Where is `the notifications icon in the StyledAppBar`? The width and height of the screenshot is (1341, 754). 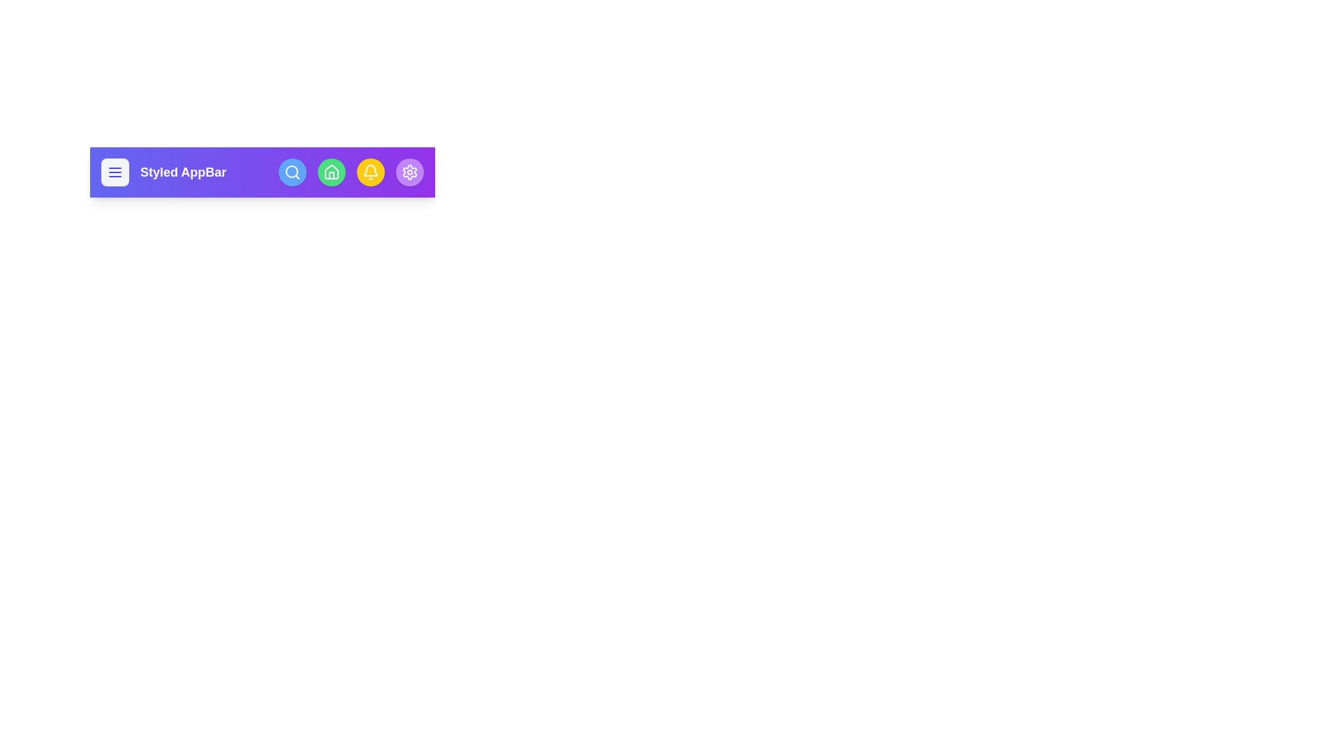
the notifications icon in the StyledAppBar is located at coordinates (371, 171).